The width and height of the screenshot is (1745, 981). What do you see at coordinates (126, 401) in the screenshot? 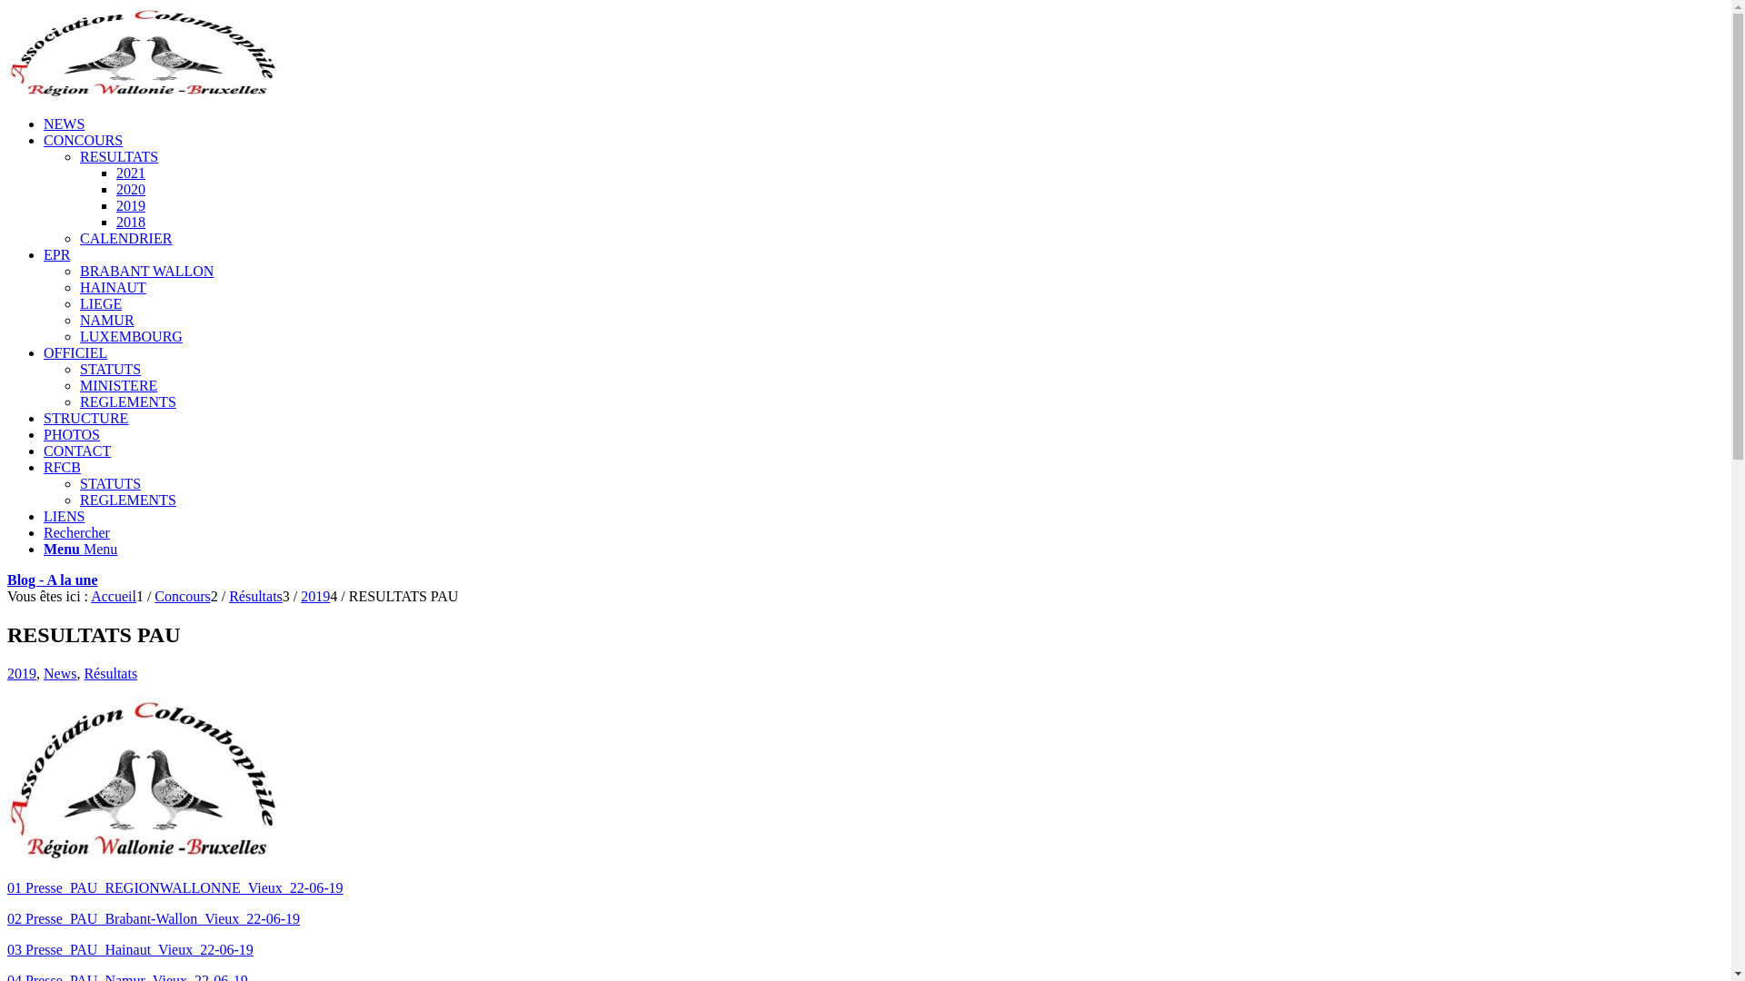
I see `'REGLEMENTS'` at bounding box center [126, 401].